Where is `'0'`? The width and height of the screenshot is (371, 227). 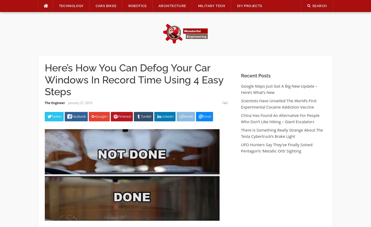 '0' is located at coordinates (227, 103).